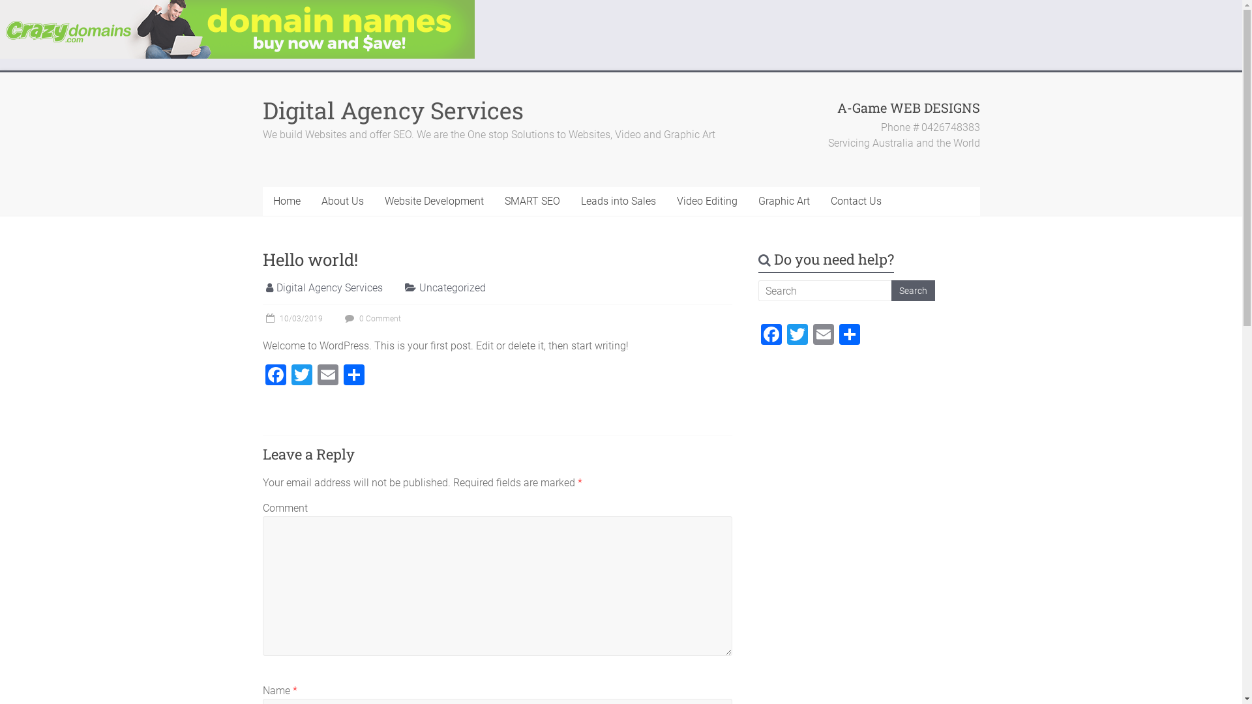 This screenshot has height=704, width=1252. I want to click on '10/03/2019', so click(261, 319).